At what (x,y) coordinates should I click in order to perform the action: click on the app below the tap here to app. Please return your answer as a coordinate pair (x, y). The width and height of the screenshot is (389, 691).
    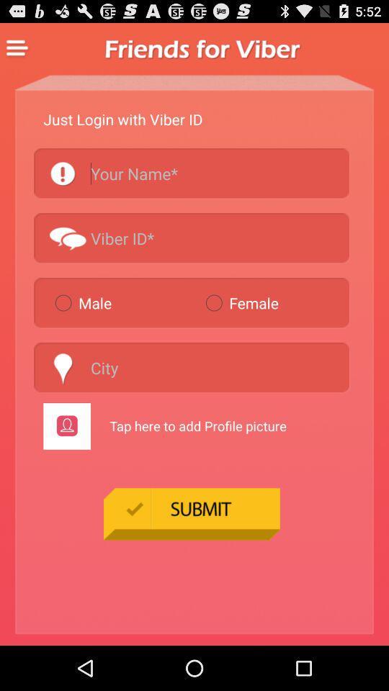
    Looking at the image, I should click on (192, 514).